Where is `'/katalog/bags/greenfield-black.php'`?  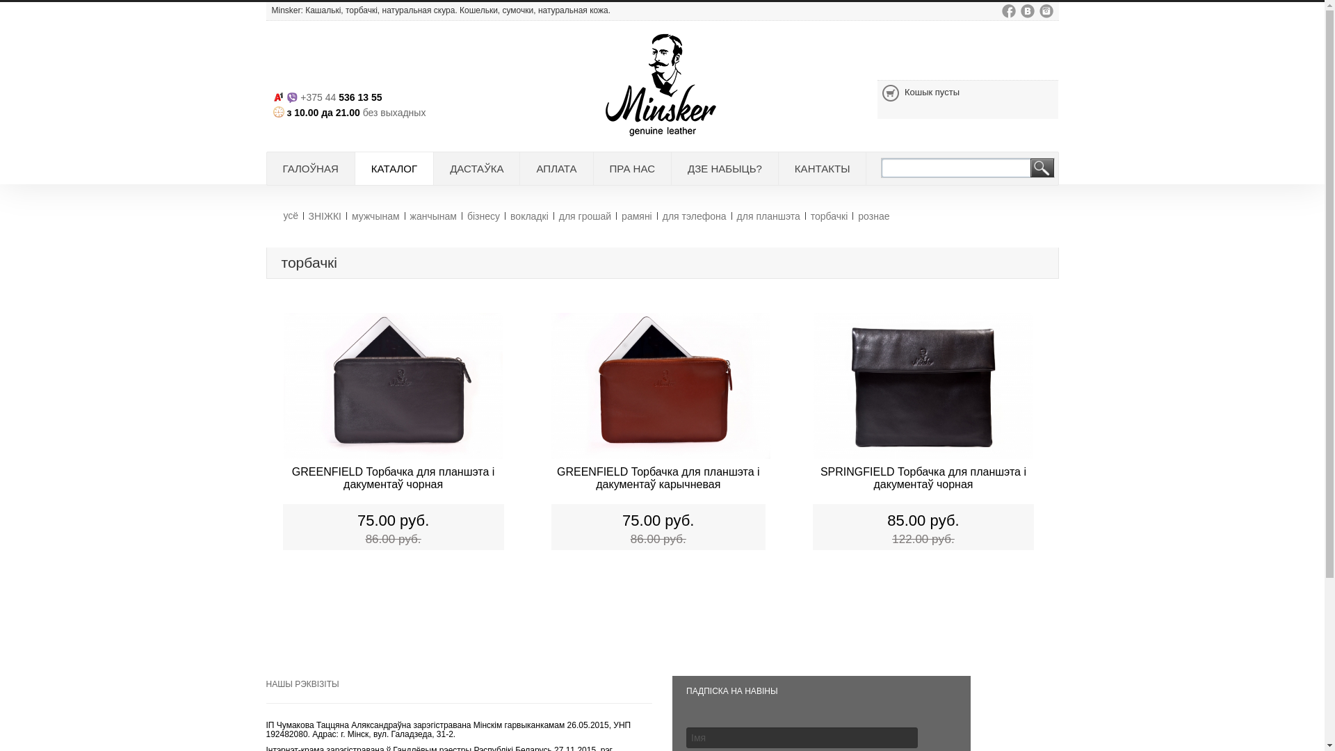 '/katalog/bags/greenfield-black.php' is located at coordinates (392, 388).